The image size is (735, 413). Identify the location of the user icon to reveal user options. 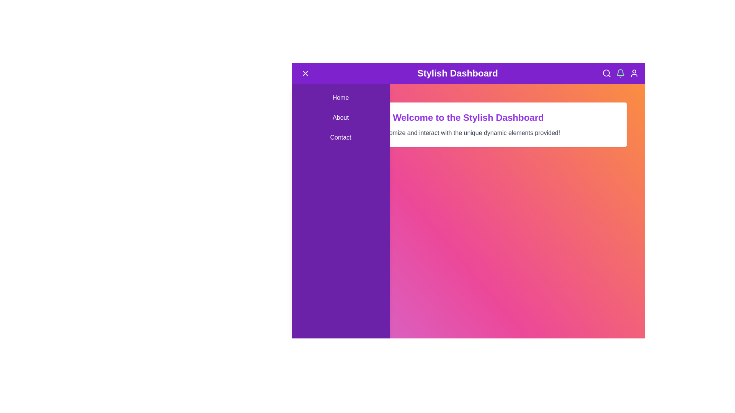
(634, 73).